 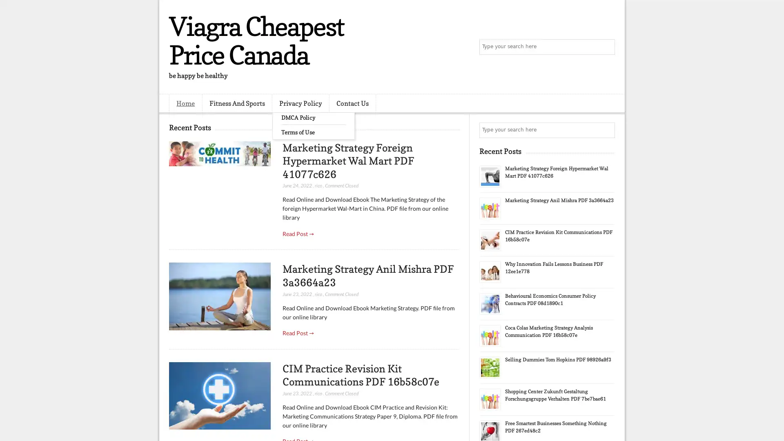 I want to click on Search, so click(x=606, y=130).